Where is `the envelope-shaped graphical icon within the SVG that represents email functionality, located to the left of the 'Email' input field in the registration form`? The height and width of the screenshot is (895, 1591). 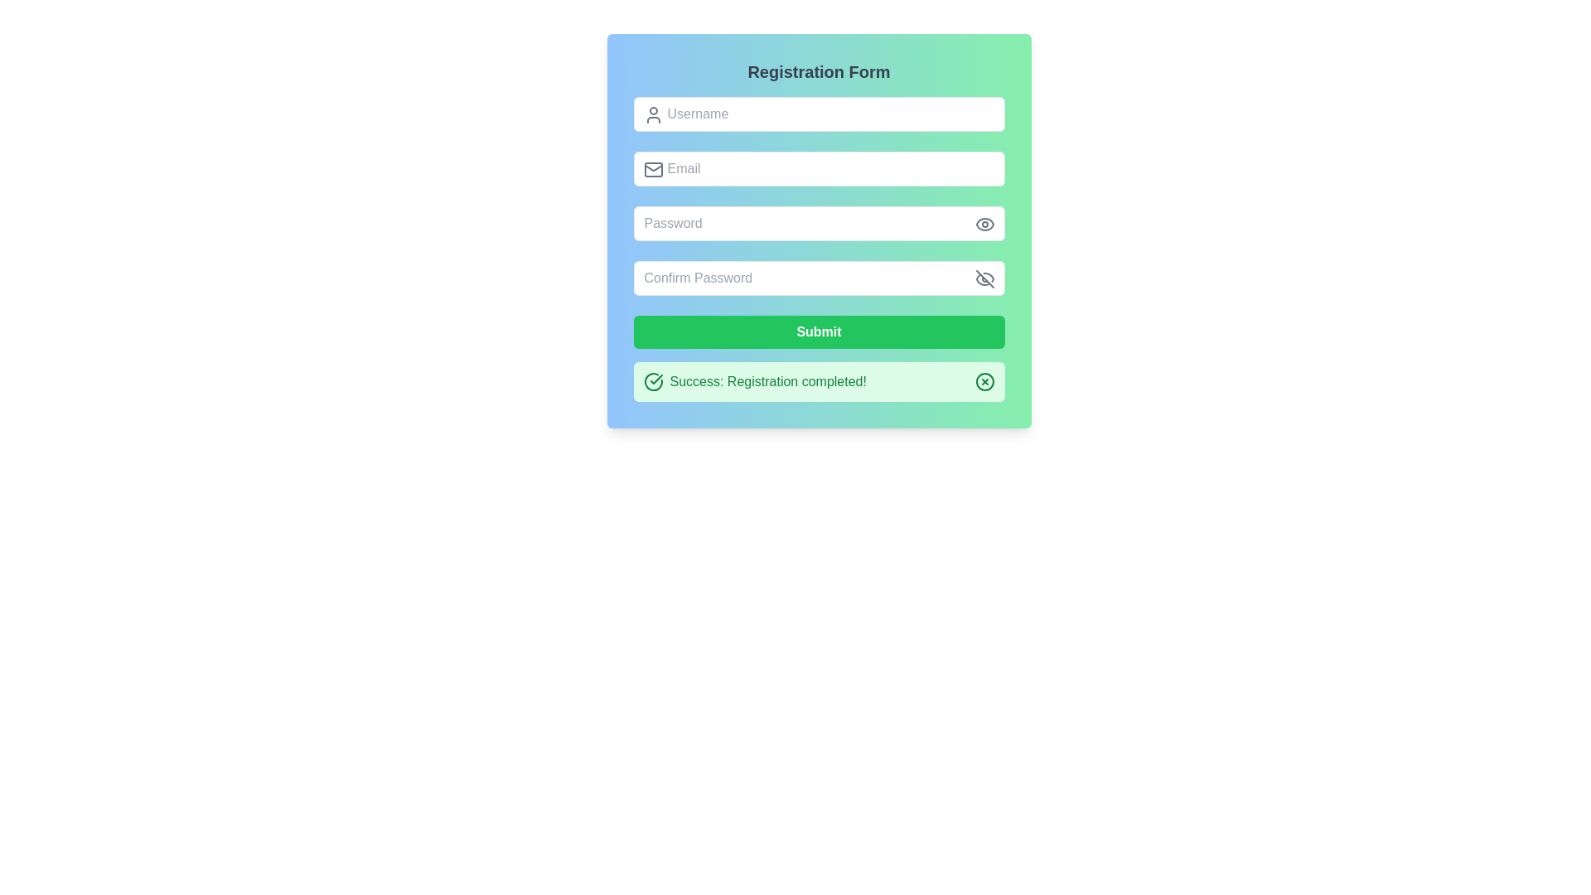
the envelope-shaped graphical icon within the SVG that represents email functionality, located to the left of the 'Email' input field in the registration form is located at coordinates (652, 169).